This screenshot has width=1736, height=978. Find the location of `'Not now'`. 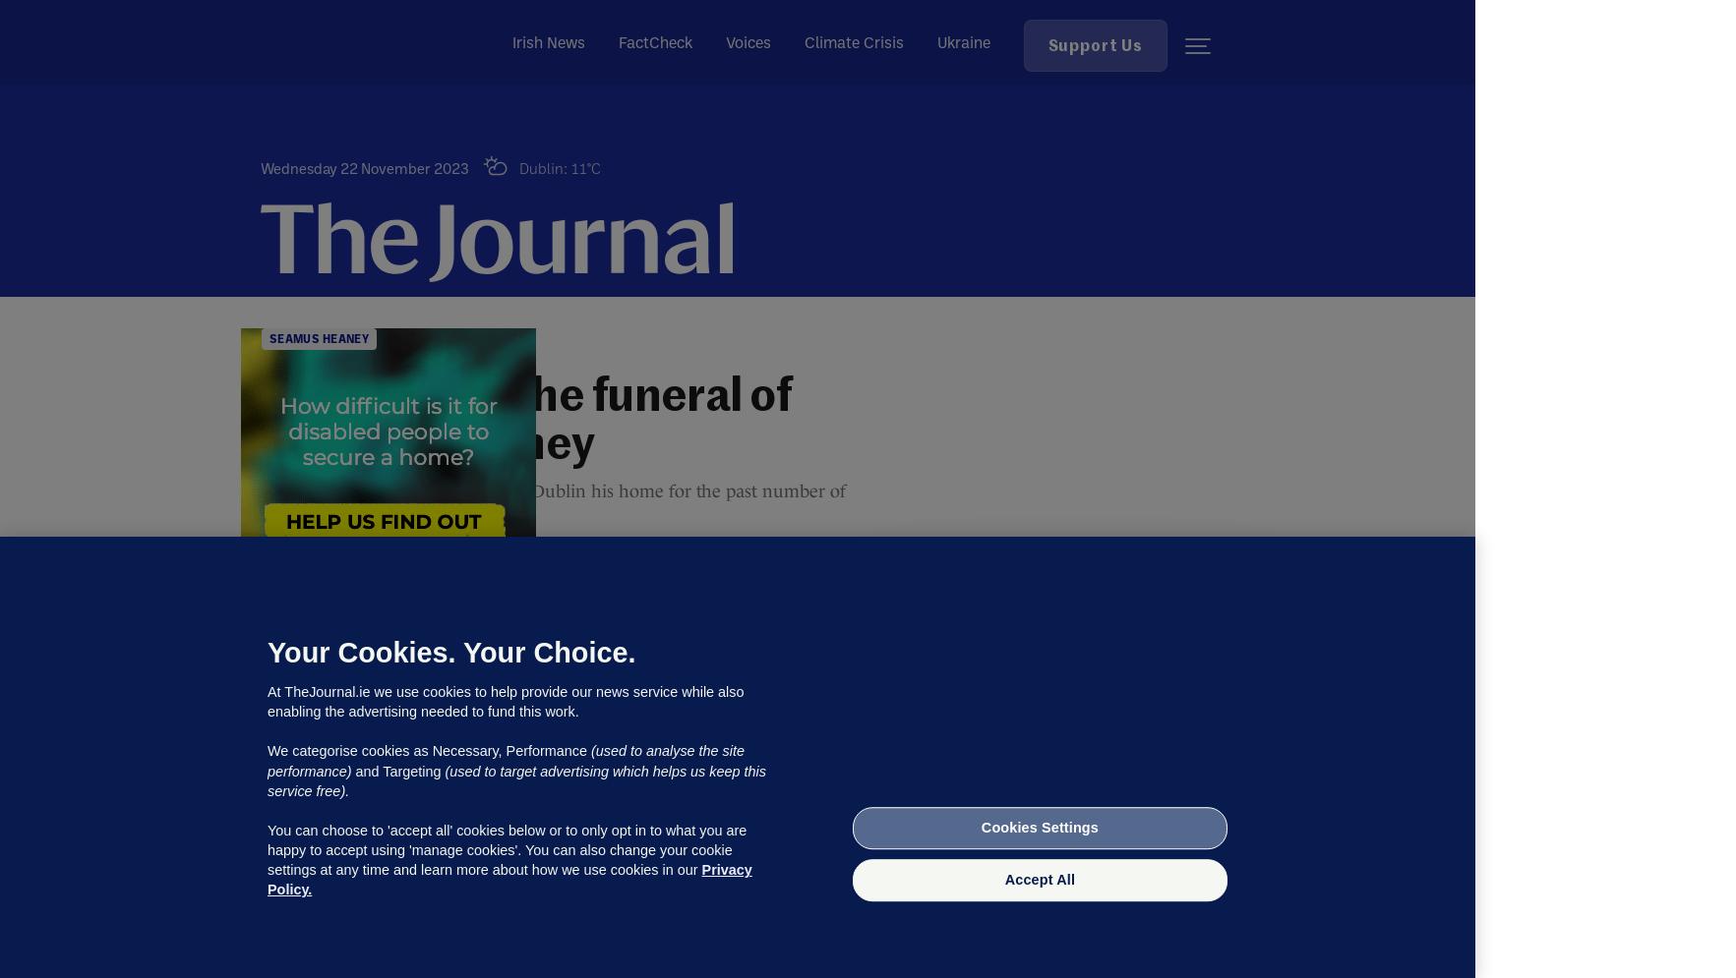

'Not now' is located at coordinates (1154, 928).